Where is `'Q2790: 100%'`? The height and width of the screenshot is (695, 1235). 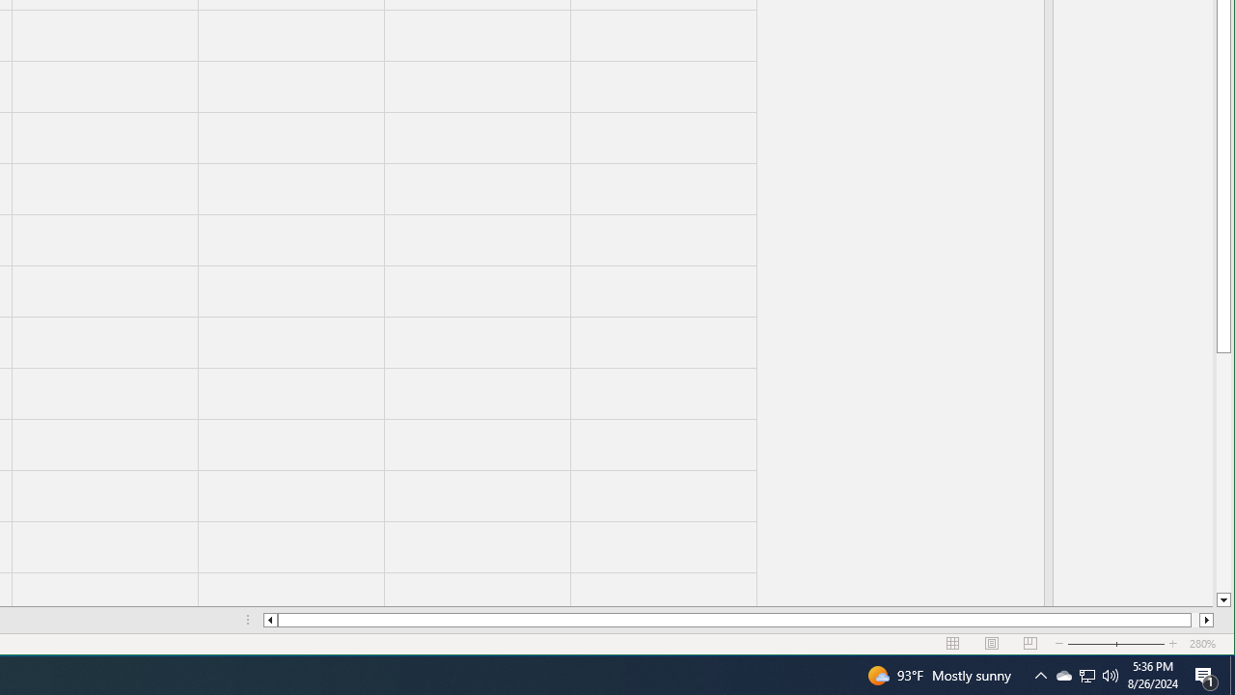
'Q2790: 100%' is located at coordinates (1111, 674).